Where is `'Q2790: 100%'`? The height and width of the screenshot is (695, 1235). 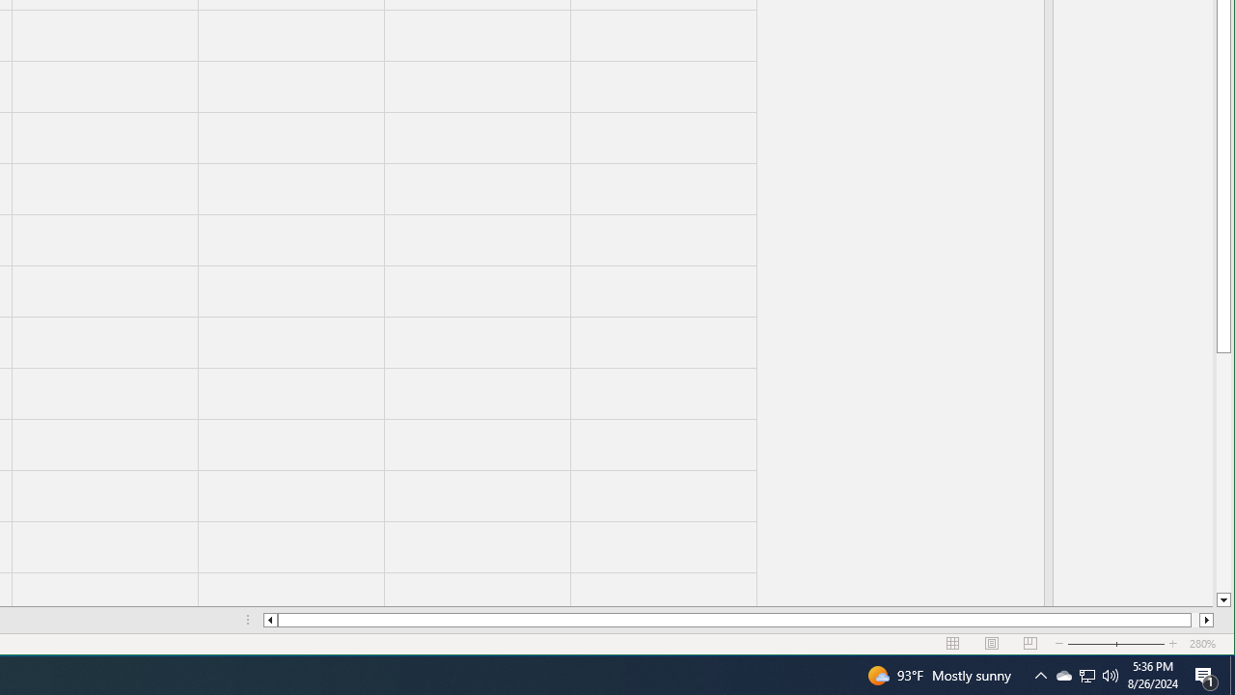
'Q2790: 100%' is located at coordinates (1111, 674).